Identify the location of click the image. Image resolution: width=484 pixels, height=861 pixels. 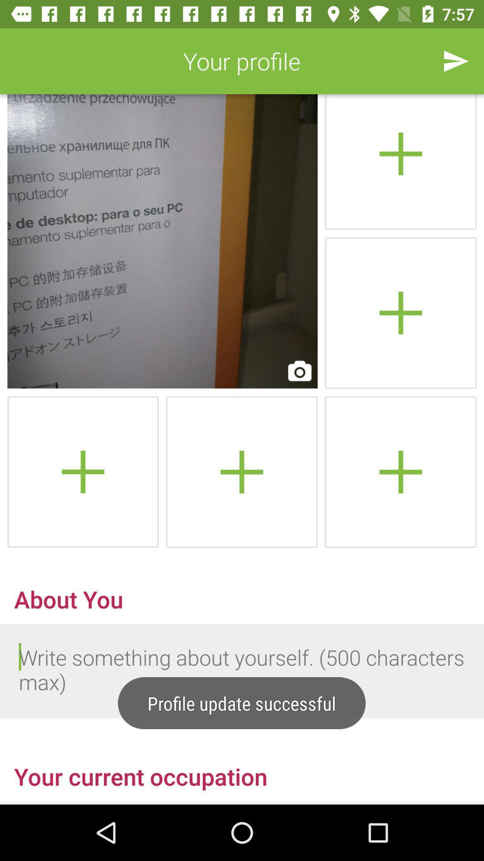
(162, 241).